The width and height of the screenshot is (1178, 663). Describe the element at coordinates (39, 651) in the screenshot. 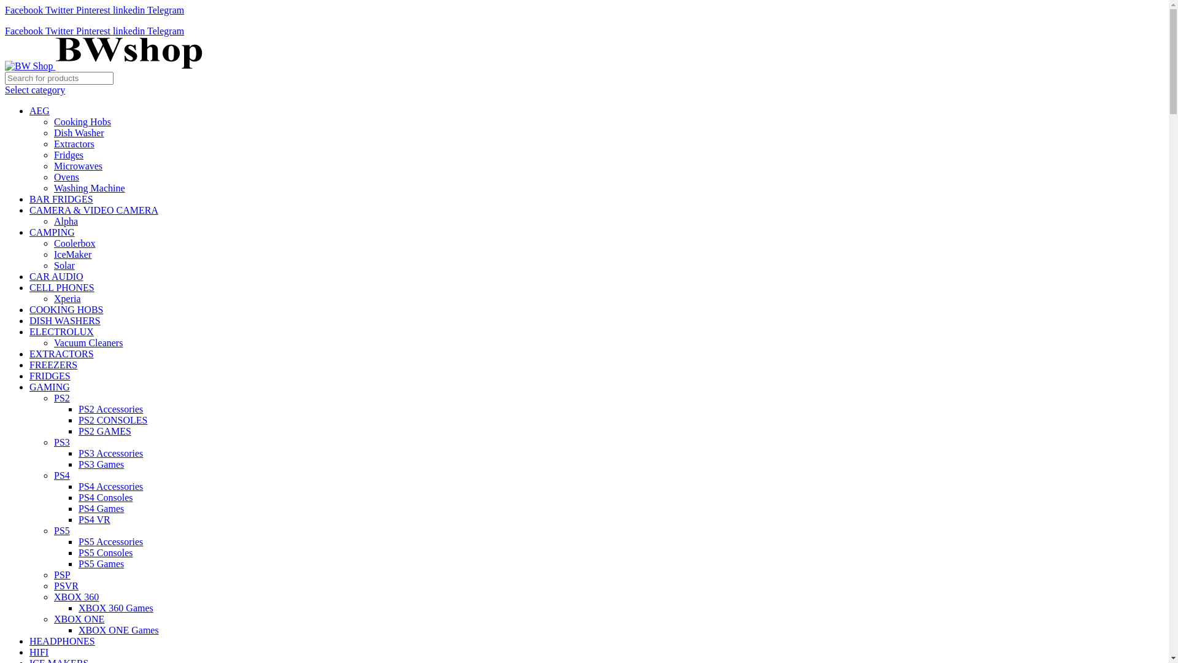

I see `'HIFI'` at that location.